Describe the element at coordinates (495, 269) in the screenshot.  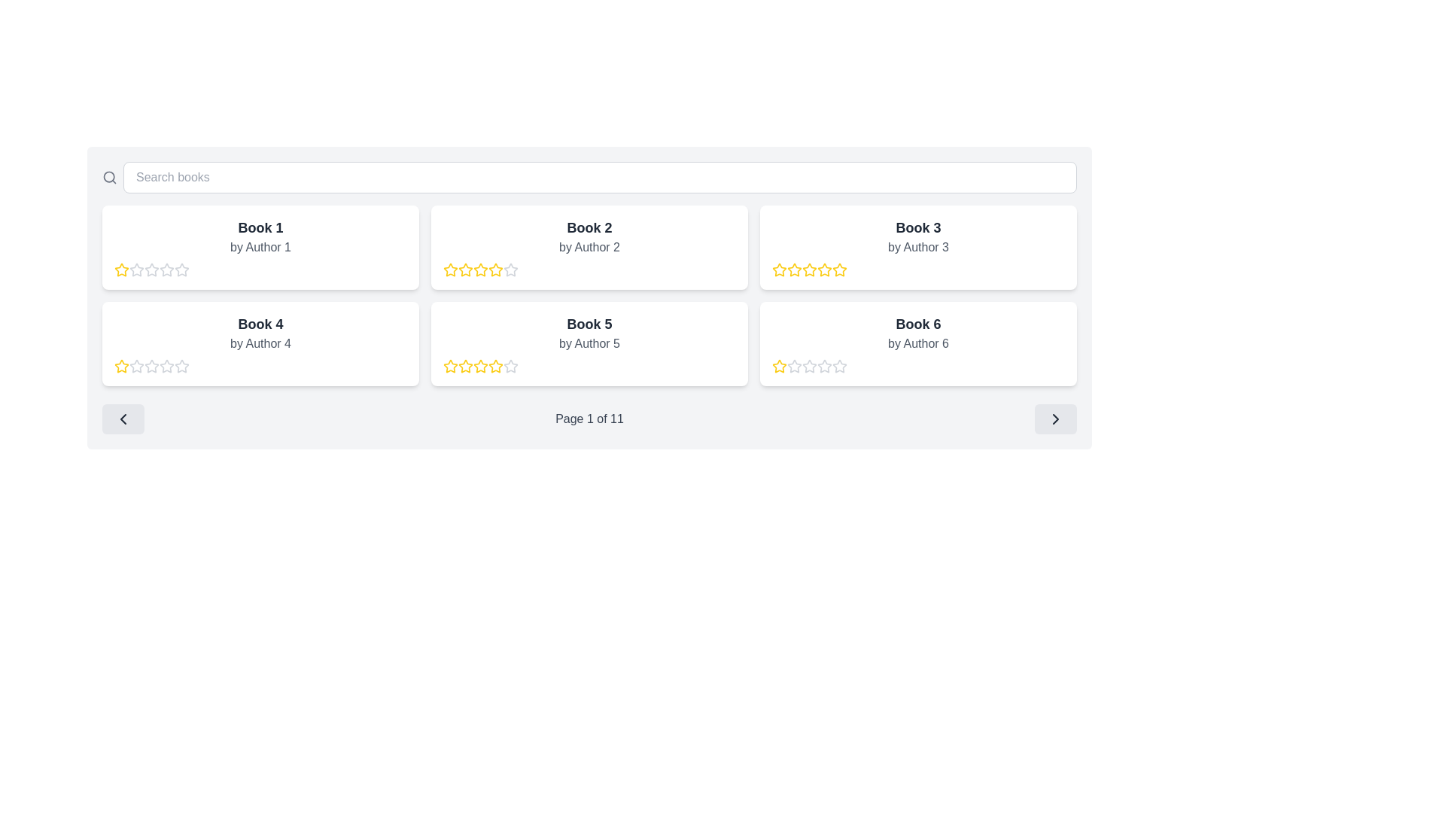
I see `the third rating star icon` at that location.